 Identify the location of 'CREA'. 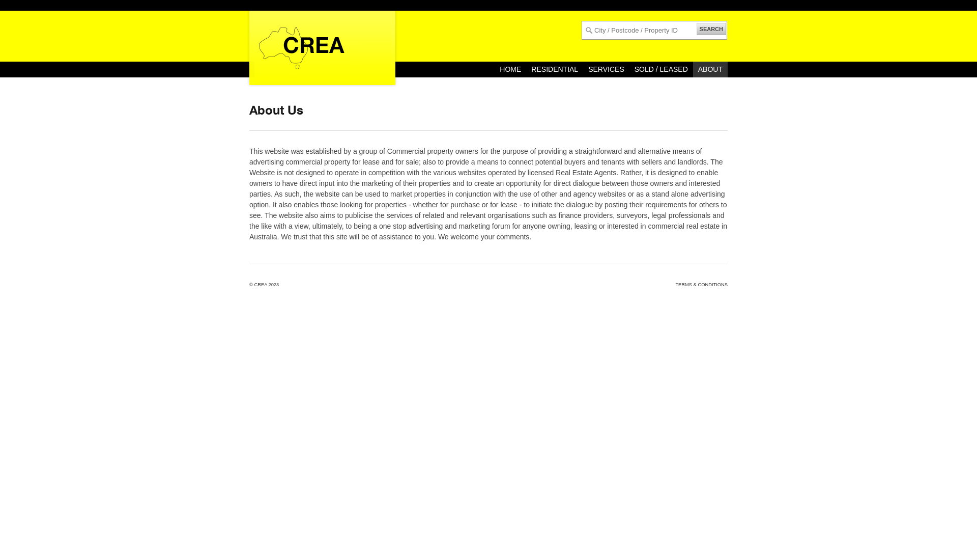
(254, 285).